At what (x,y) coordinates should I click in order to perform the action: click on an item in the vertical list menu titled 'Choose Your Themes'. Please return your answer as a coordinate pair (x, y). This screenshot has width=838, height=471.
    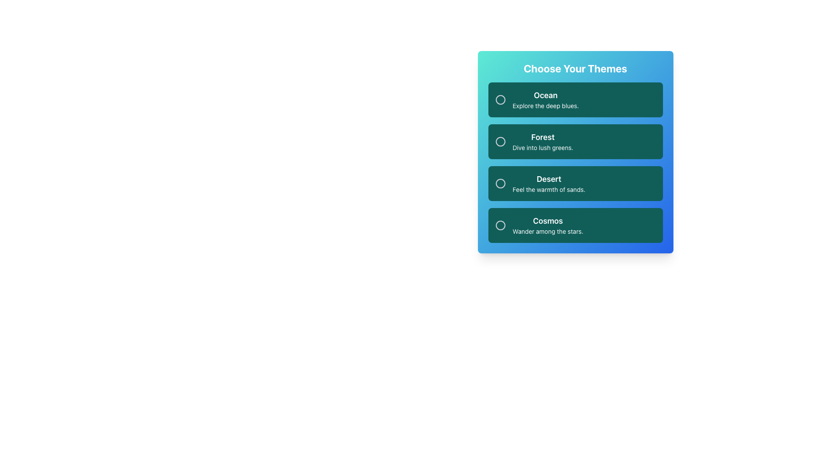
    Looking at the image, I should click on (575, 163).